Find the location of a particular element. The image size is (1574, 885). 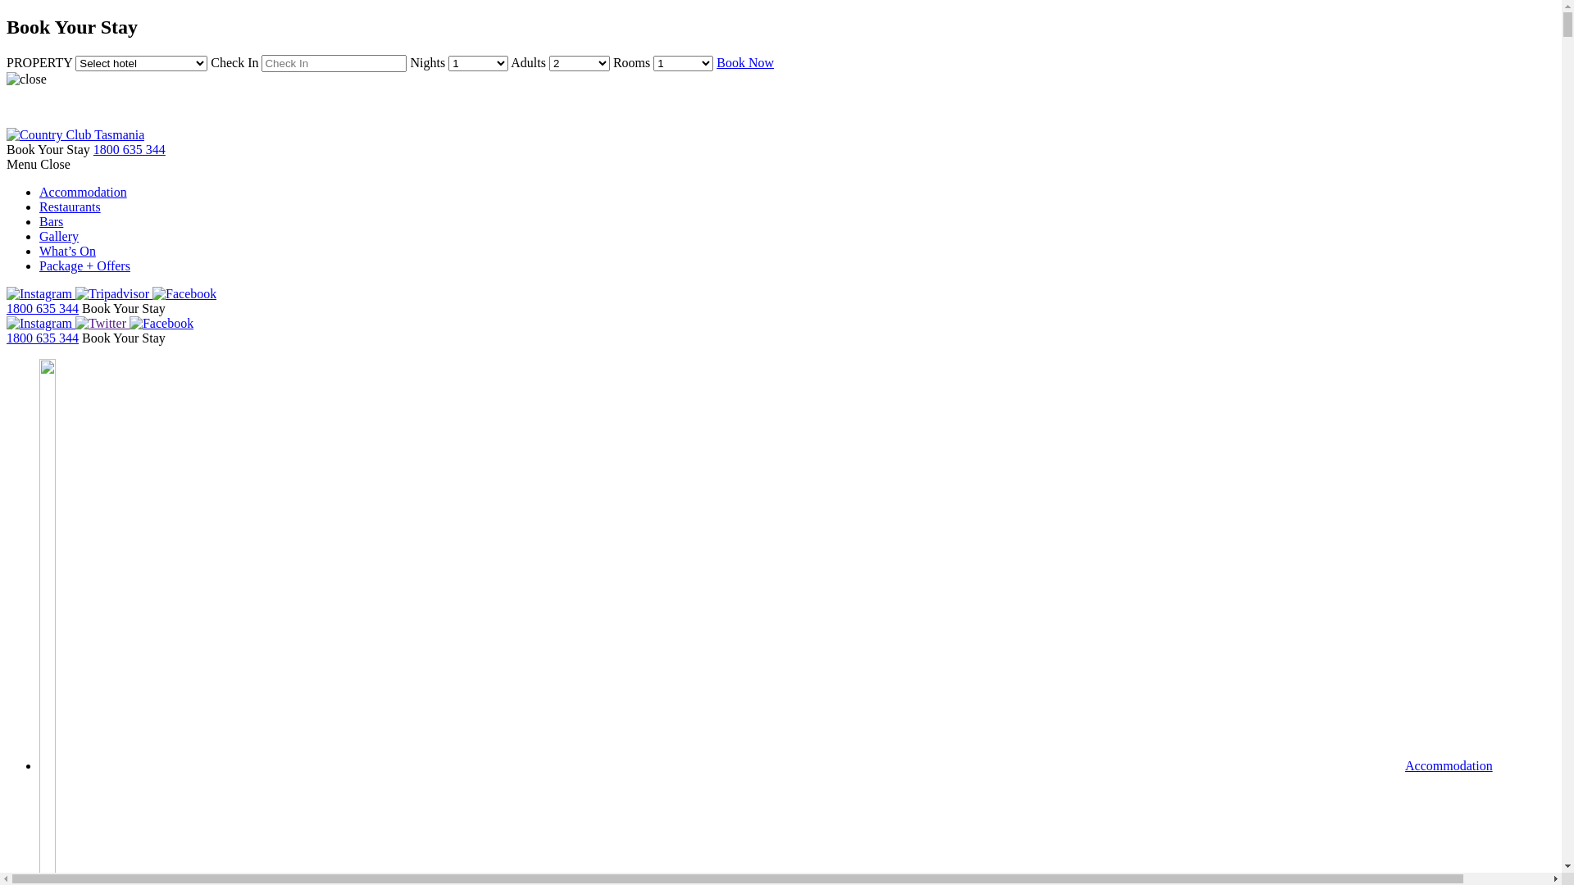

'Book Your Stay' is located at coordinates (48, 149).